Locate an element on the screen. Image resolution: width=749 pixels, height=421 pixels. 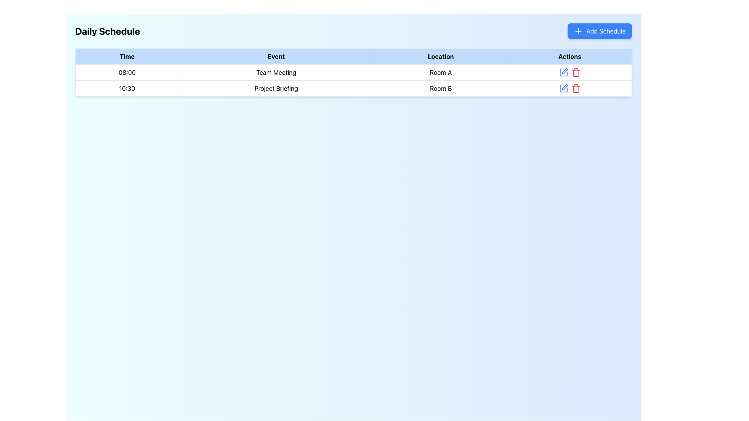
column headers of the schedule table located in the top row, which includes 'Time', 'Event', 'Location', and 'Actions' is located at coordinates (353, 56).